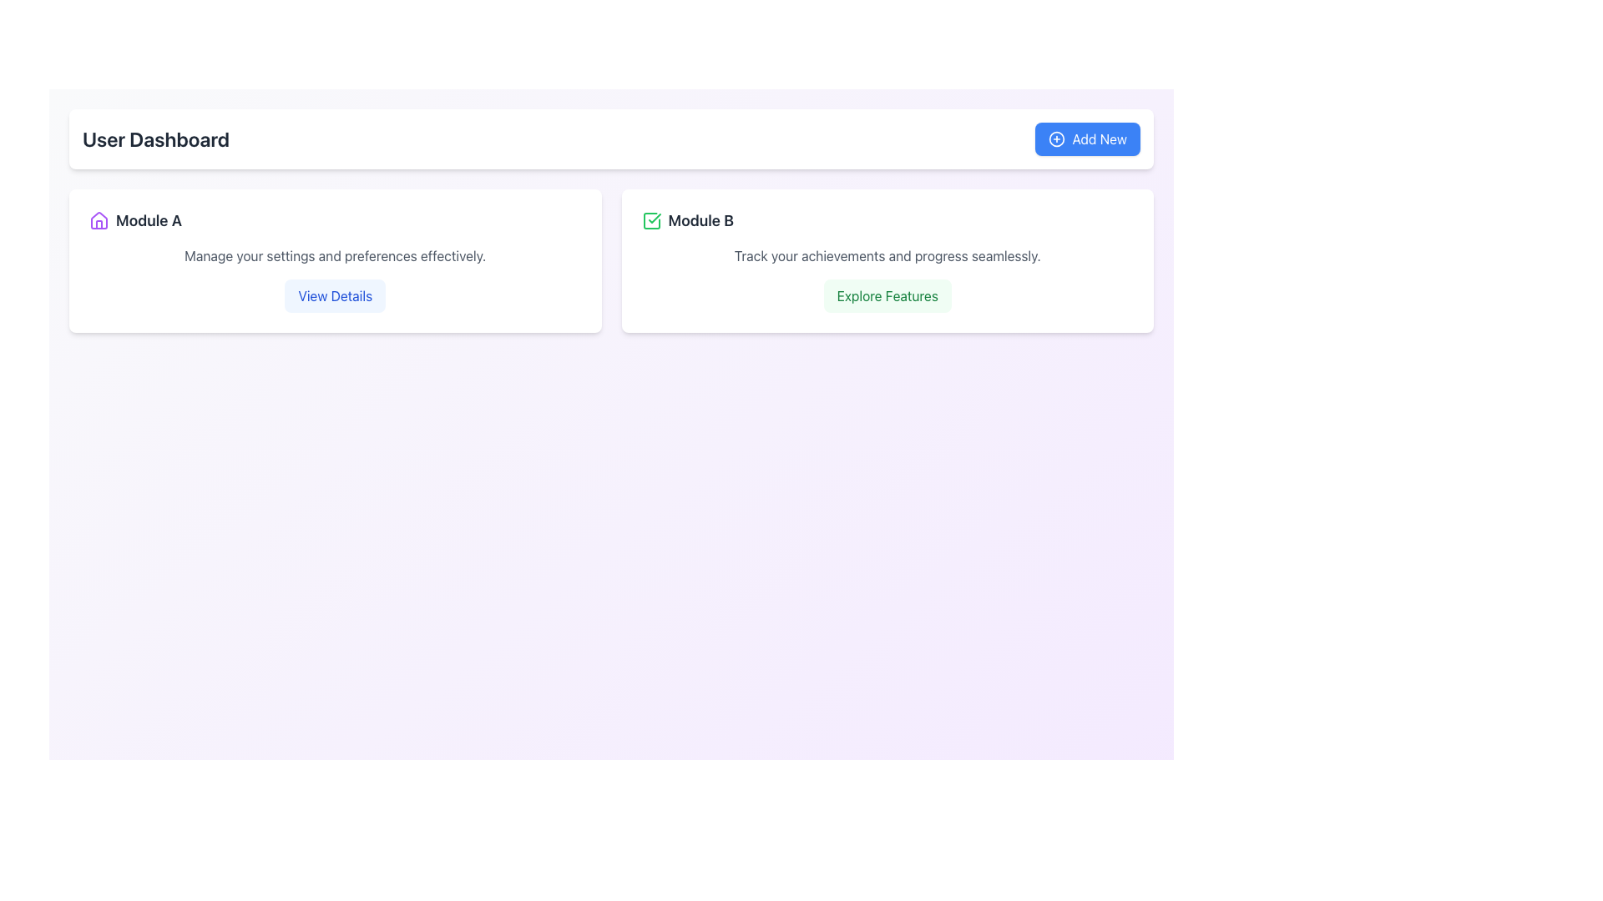  Describe the element at coordinates (1056, 138) in the screenshot. I see `the circular icon with a plus sign (+) that is part of the 'Add New' button` at that location.